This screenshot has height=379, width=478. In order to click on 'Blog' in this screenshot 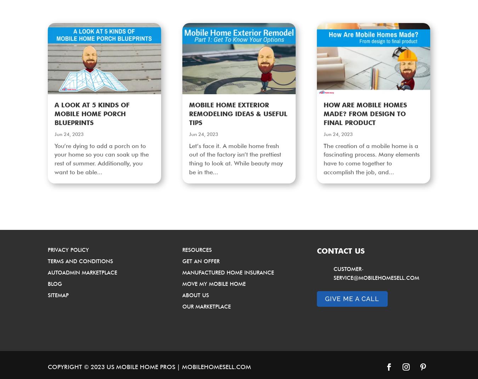, I will do `click(55, 283)`.